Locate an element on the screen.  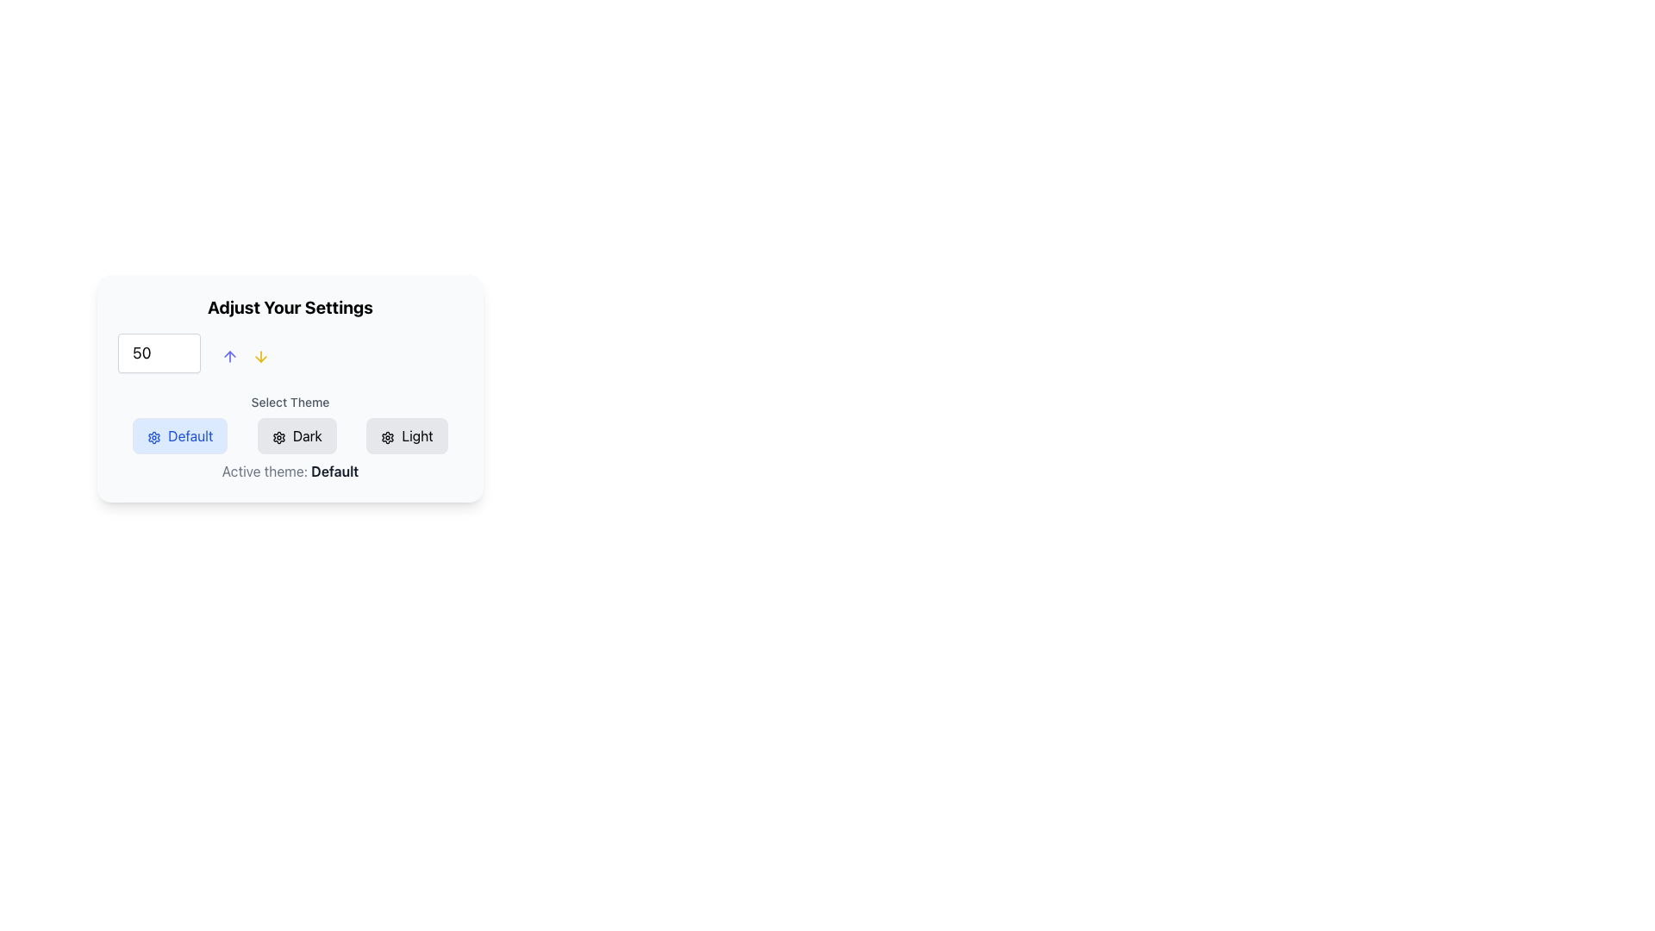
the group of theme selection buttons (Default, Dark, Light) located within the settings panel, which is below the 'Adjust Your Settings' header and above the 'Active theme: Default' text is located at coordinates (290, 437).